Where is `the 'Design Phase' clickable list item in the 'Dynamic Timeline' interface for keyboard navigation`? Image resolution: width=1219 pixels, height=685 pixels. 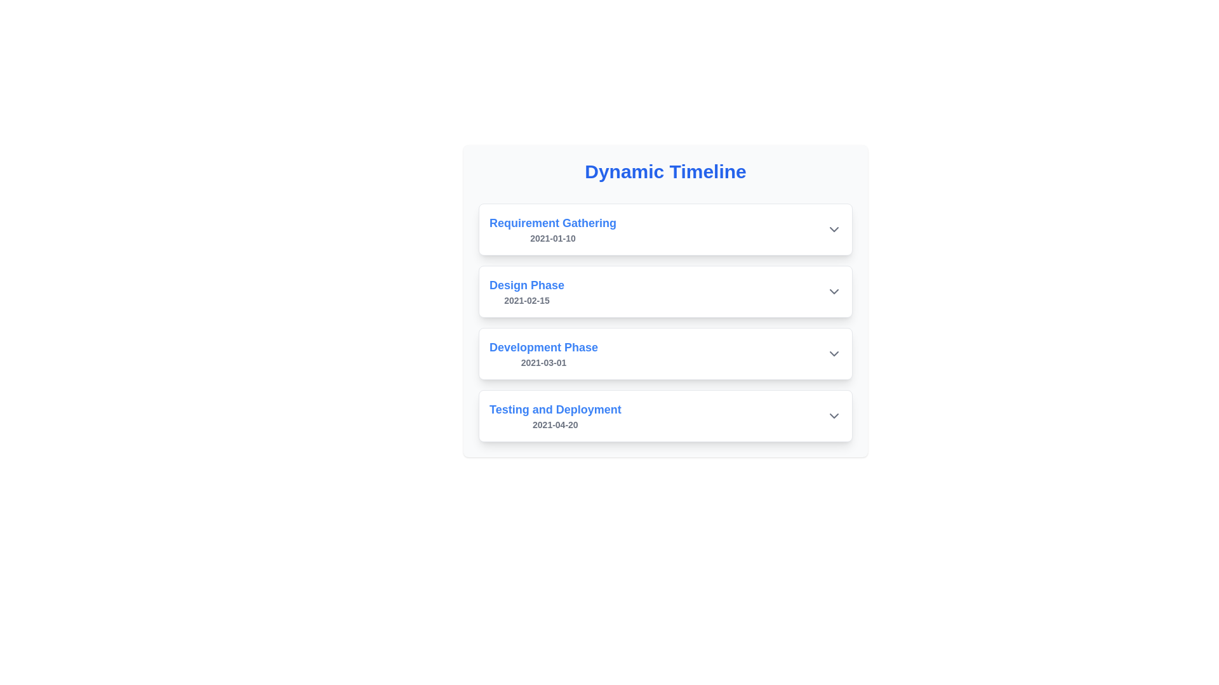 the 'Design Phase' clickable list item in the 'Dynamic Timeline' interface for keyboard navigation is located at coordinates (665, 291).